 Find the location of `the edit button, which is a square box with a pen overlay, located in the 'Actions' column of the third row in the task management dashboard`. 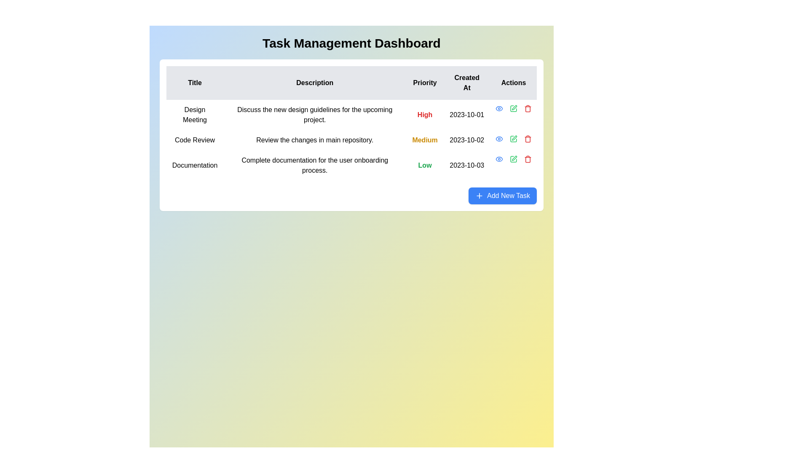

the edit button, which is a square box with a pen overlay, located in the 'Actions' column of the third row in the task management dashboard is located at coordinates (513, 108).